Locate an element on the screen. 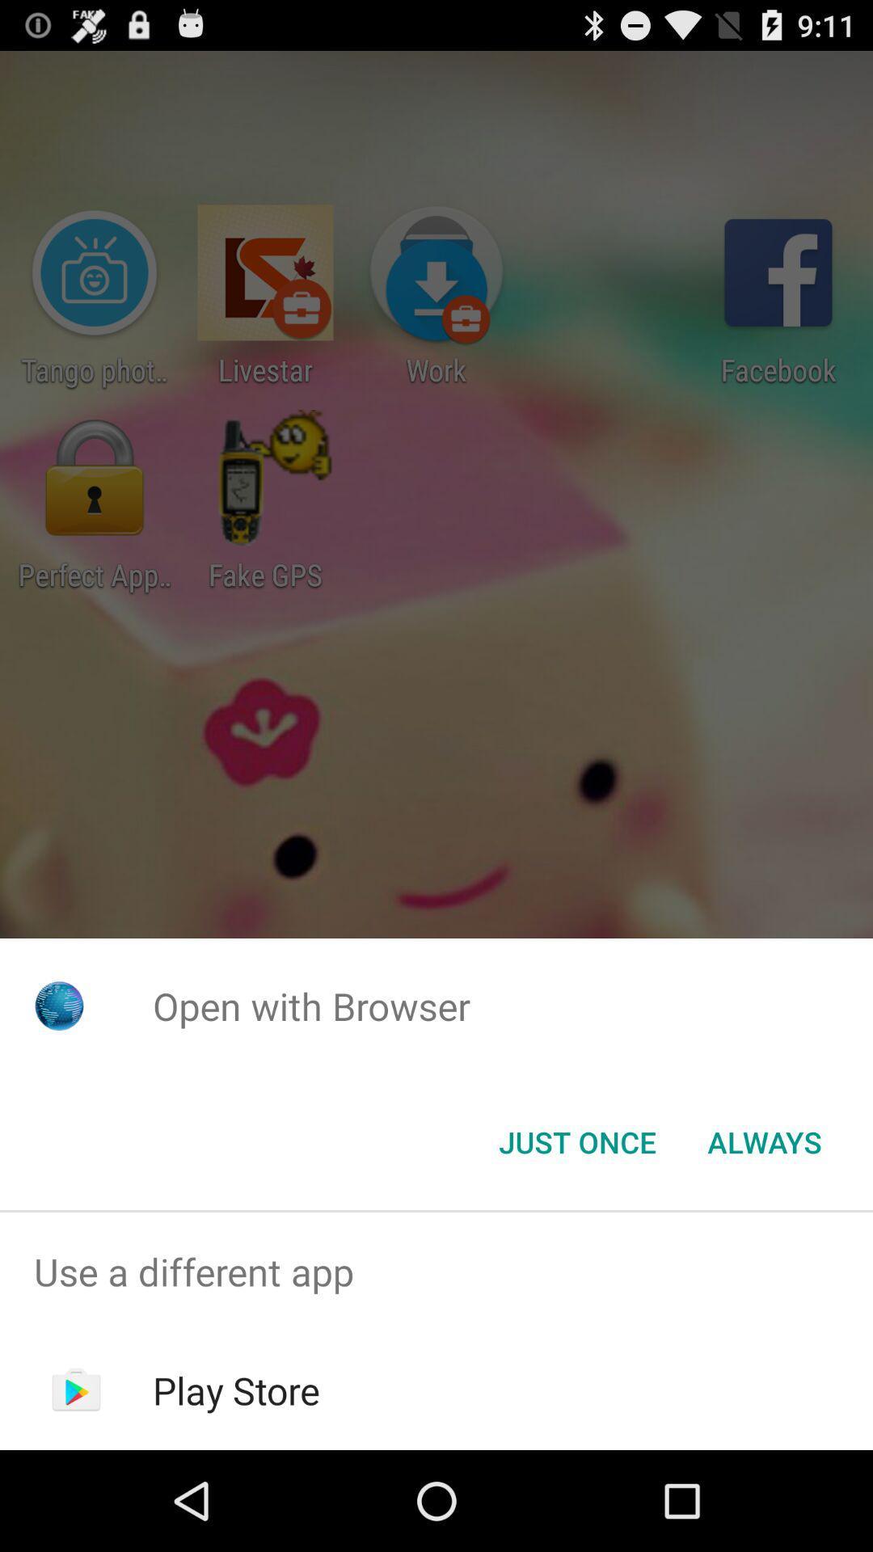  the button at the bottom right corner is located at coordinates (764, 1141).